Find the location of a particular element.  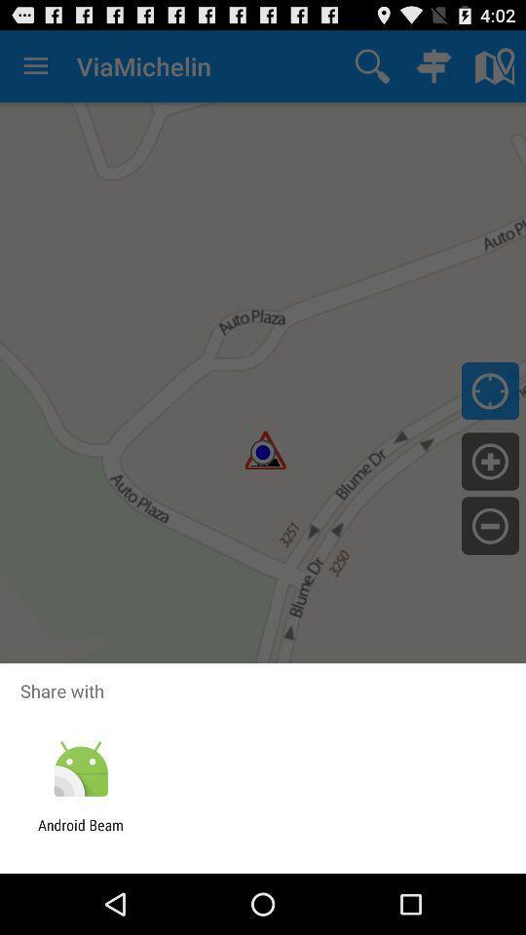

the android beam is located at coordinates (80, 833).